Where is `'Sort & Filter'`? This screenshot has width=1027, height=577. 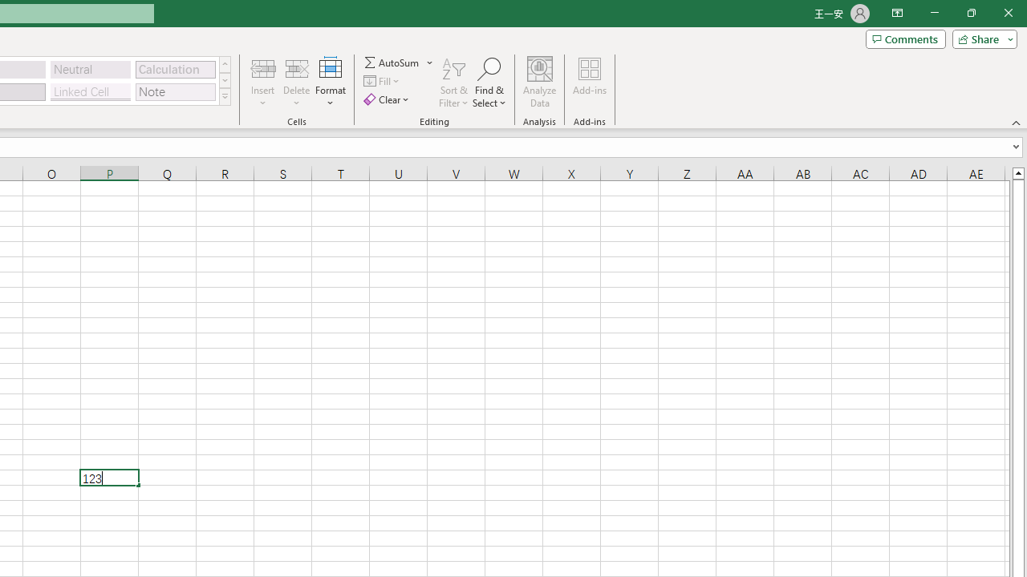
'Sort & Filter' is located at coordinates (453, 83).